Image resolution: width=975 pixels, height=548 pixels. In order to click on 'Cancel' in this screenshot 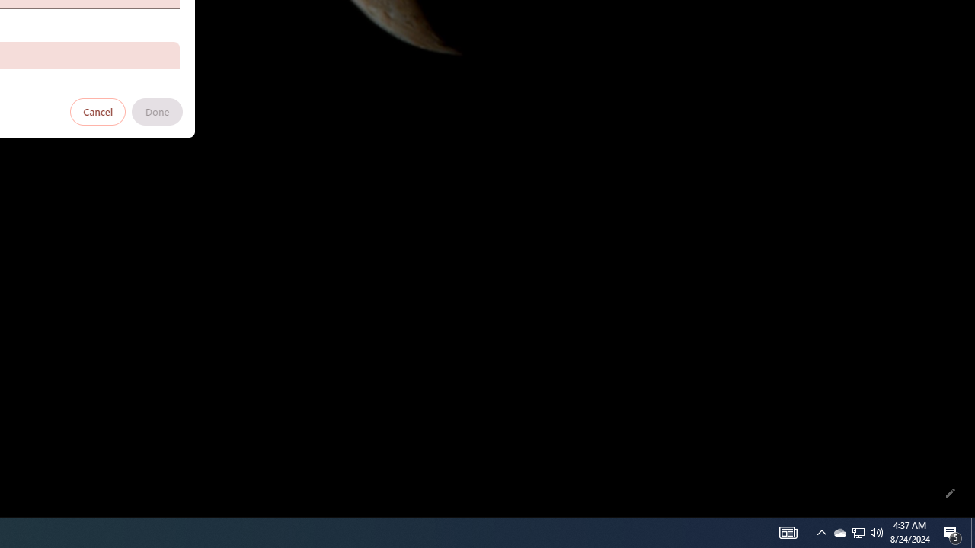, I will do `click(97, 110)`.